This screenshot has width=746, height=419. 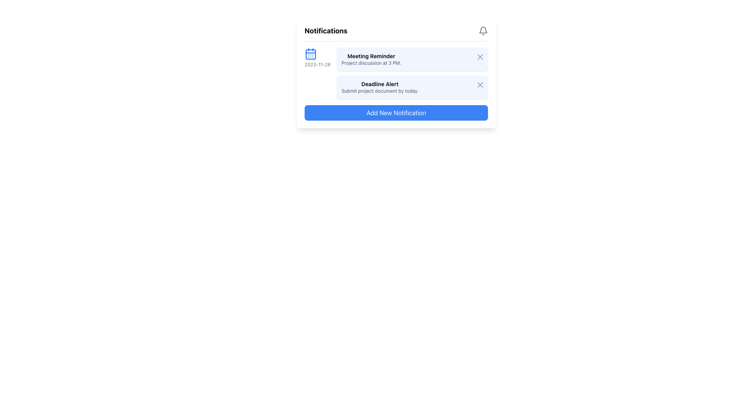 What do you see at coordinates (317, 64) in the screenshot?
I see `the static text displaying the date '2023-11-28'` at bounding box center [317, 64].